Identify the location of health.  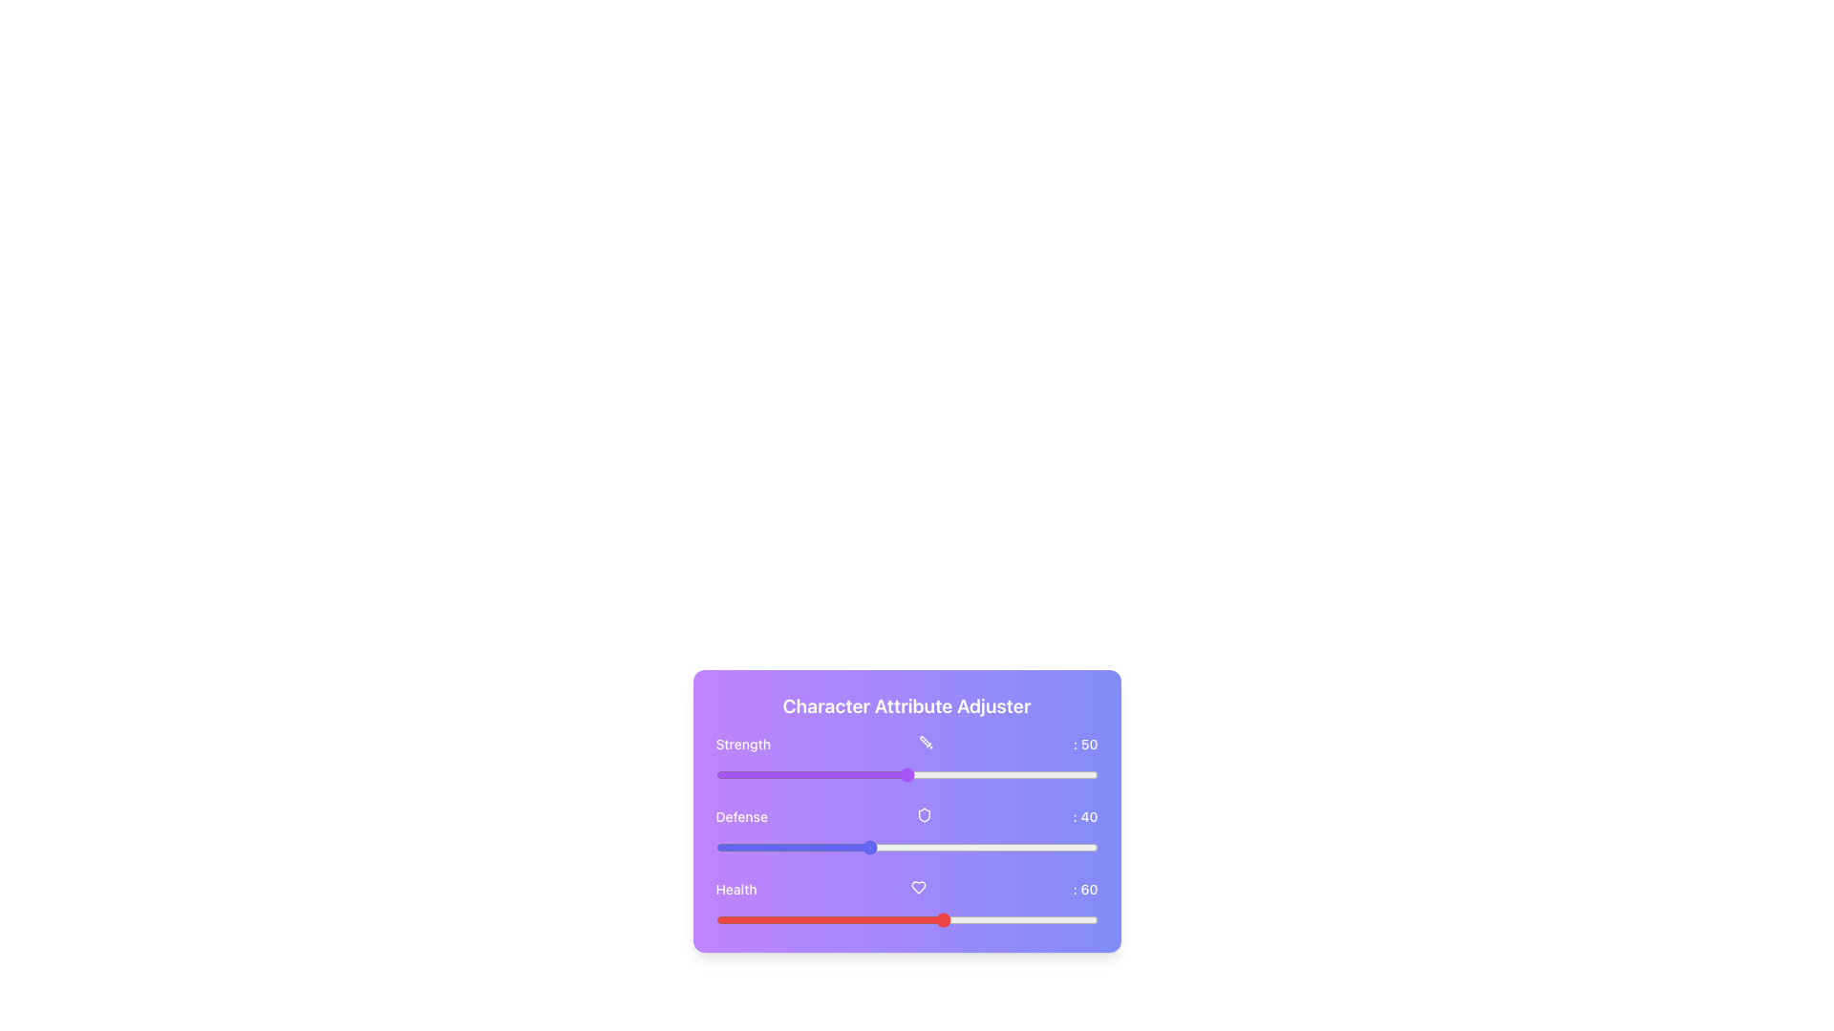
(879, 919).